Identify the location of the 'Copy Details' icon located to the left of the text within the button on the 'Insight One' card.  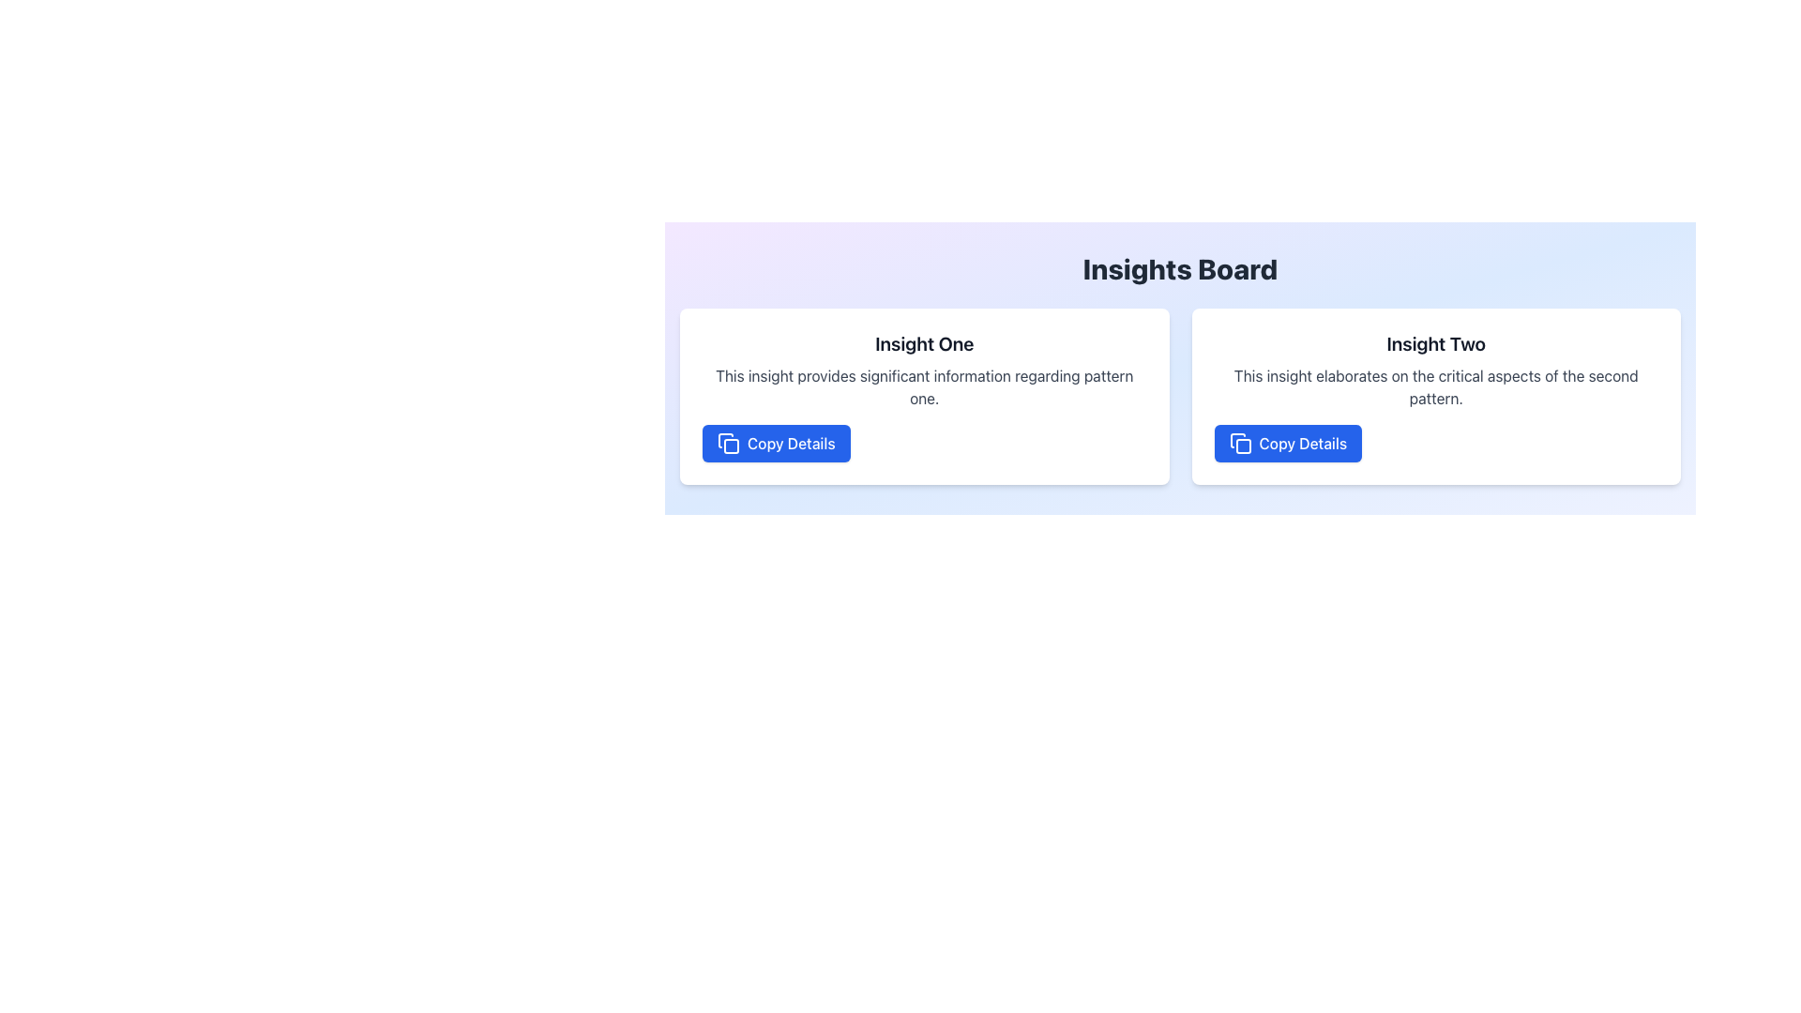
(730, 446).